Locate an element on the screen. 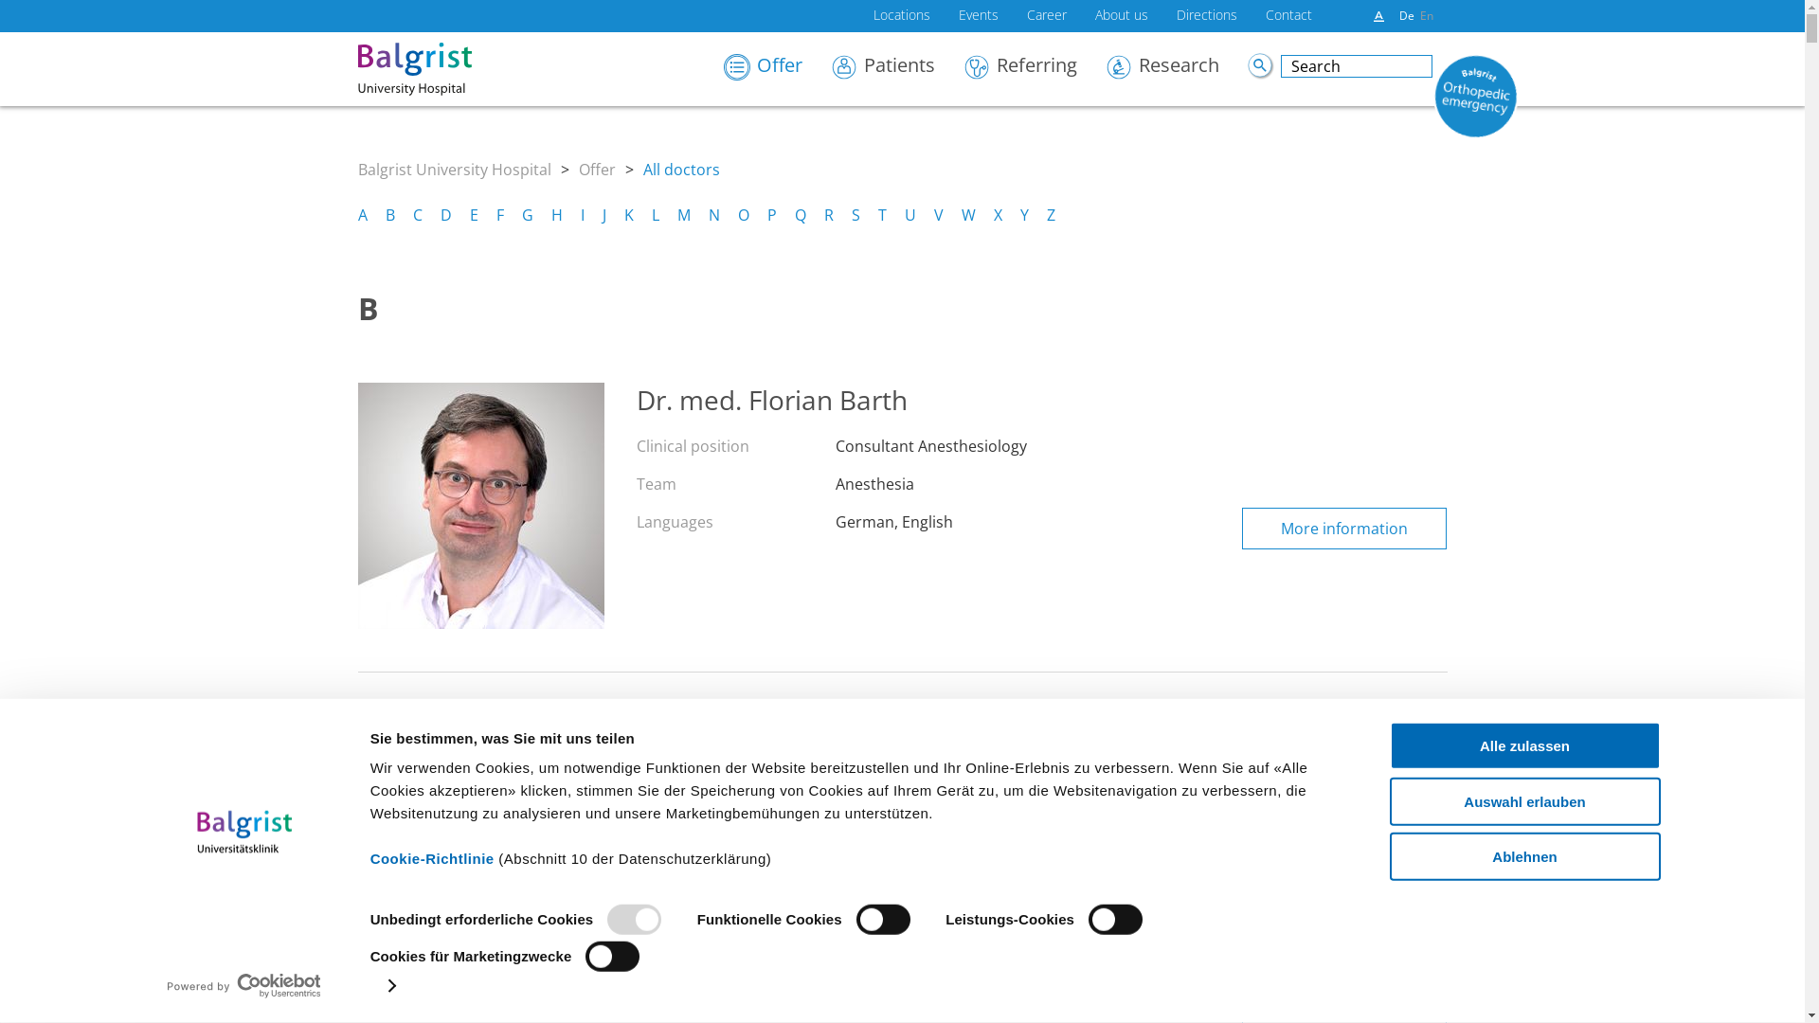 Image resolution: width=1819 pixels, height=1023 pixels. 'I' is located at coordinates (581, 214).